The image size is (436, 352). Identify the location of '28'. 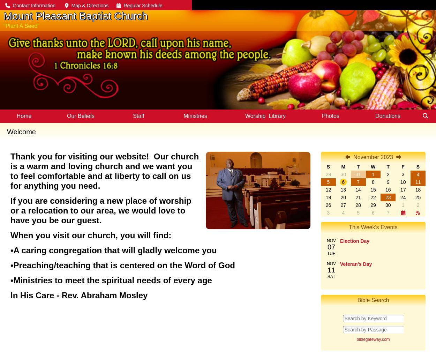
(355, 205).